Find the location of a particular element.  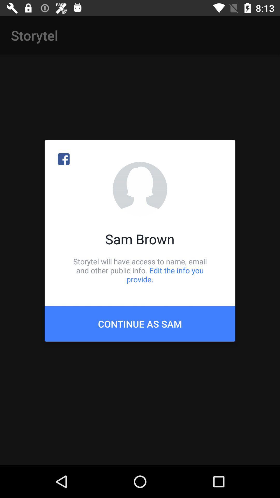

the icon below sam brown item is located at coordinates (140, 270).